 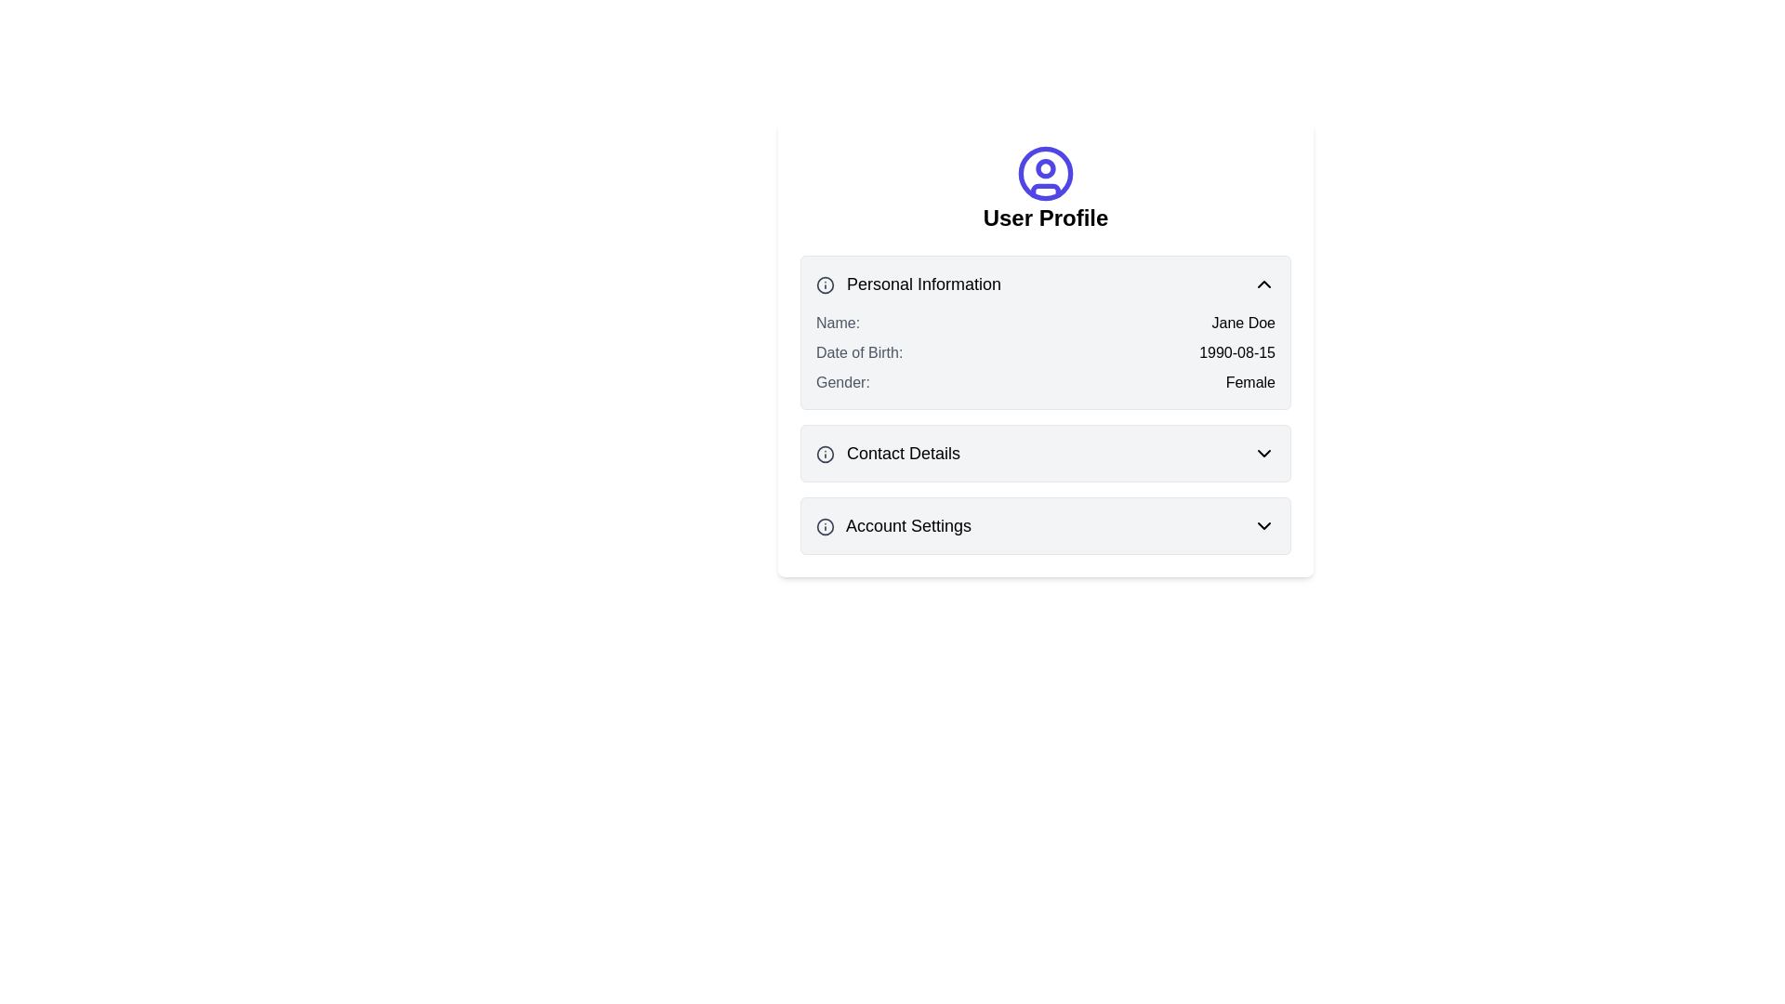 What do you see at coordinates (1250, 382) in the screenshot?
I see `the 'Gender' text label in the 'Personal Information' panel of the 'User Profile' section, which displays the selected gender value and is positioned to the right of the 'Gender:' label` at bounding box center [1250, 382].